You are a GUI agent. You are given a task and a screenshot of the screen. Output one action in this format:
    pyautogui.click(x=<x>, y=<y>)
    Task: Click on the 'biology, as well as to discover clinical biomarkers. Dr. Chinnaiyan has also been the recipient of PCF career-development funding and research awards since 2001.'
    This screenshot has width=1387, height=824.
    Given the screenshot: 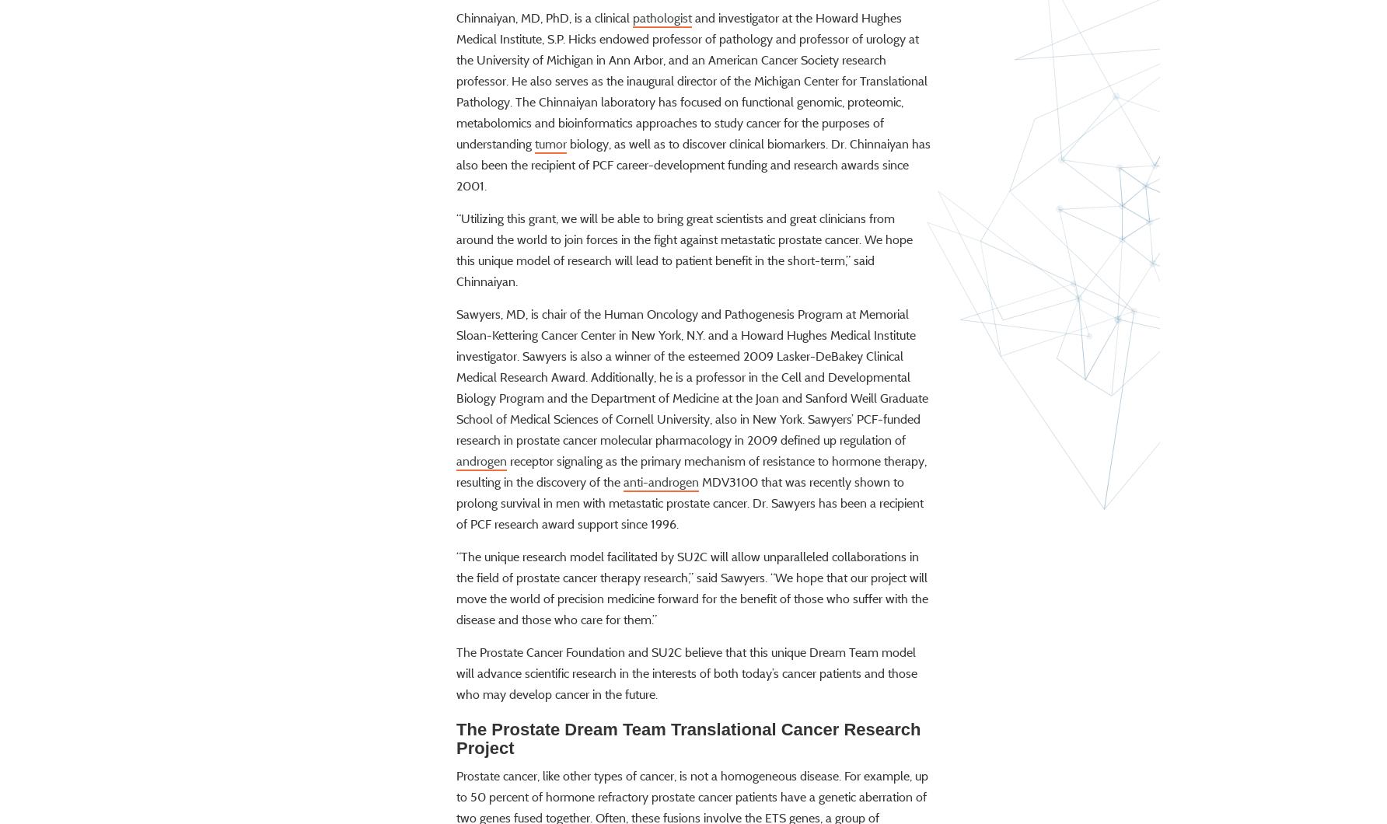 What is the action you would take?
    pyautogui.click(x=693, y=209)
    